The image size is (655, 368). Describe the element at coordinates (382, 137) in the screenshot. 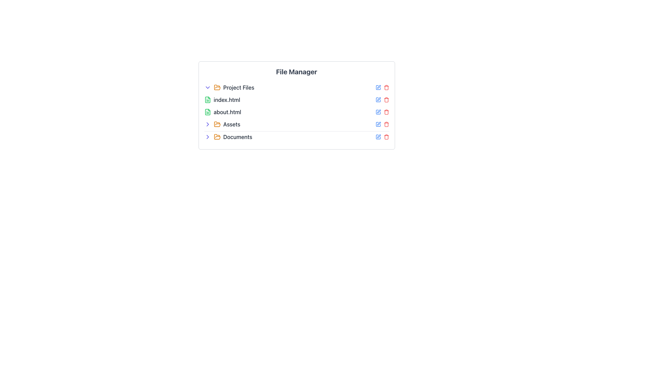

I see `the group of interactive buttons containing the blue pencil icon and red trash bin icon located at the far right of the 'Documents' row in the 'File Manager' interface` at that location.